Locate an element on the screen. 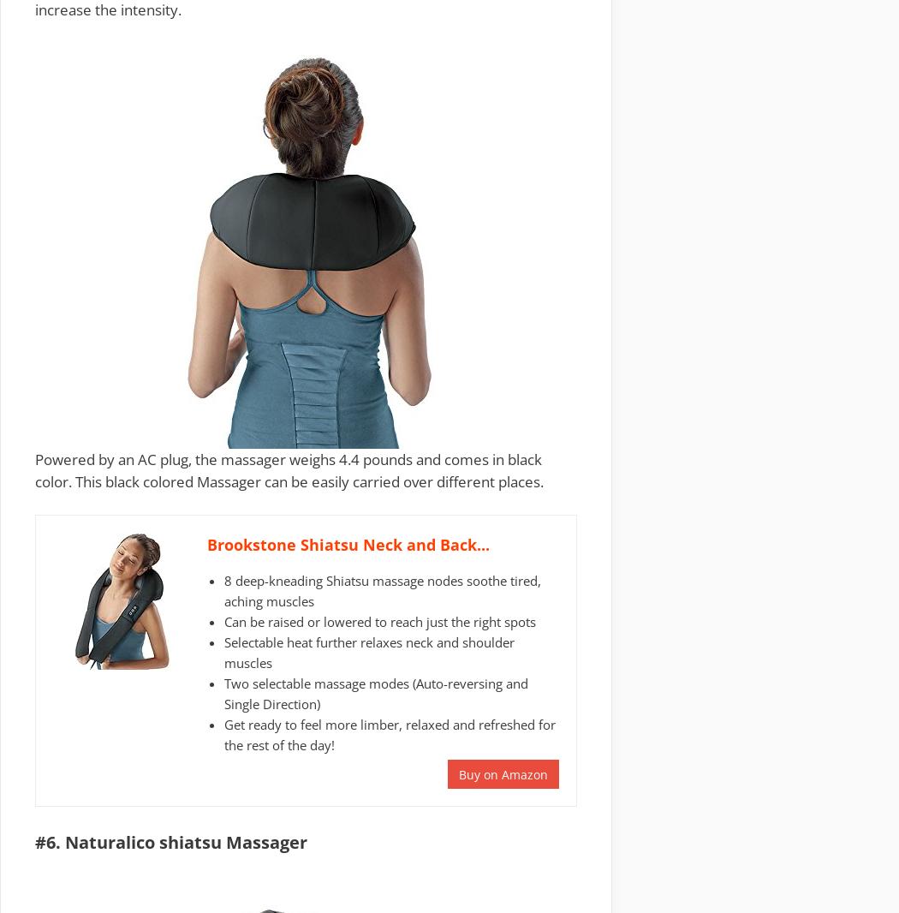  'Can be raised or lowered to reach just the right spots' is located at coordinates (379, 619).